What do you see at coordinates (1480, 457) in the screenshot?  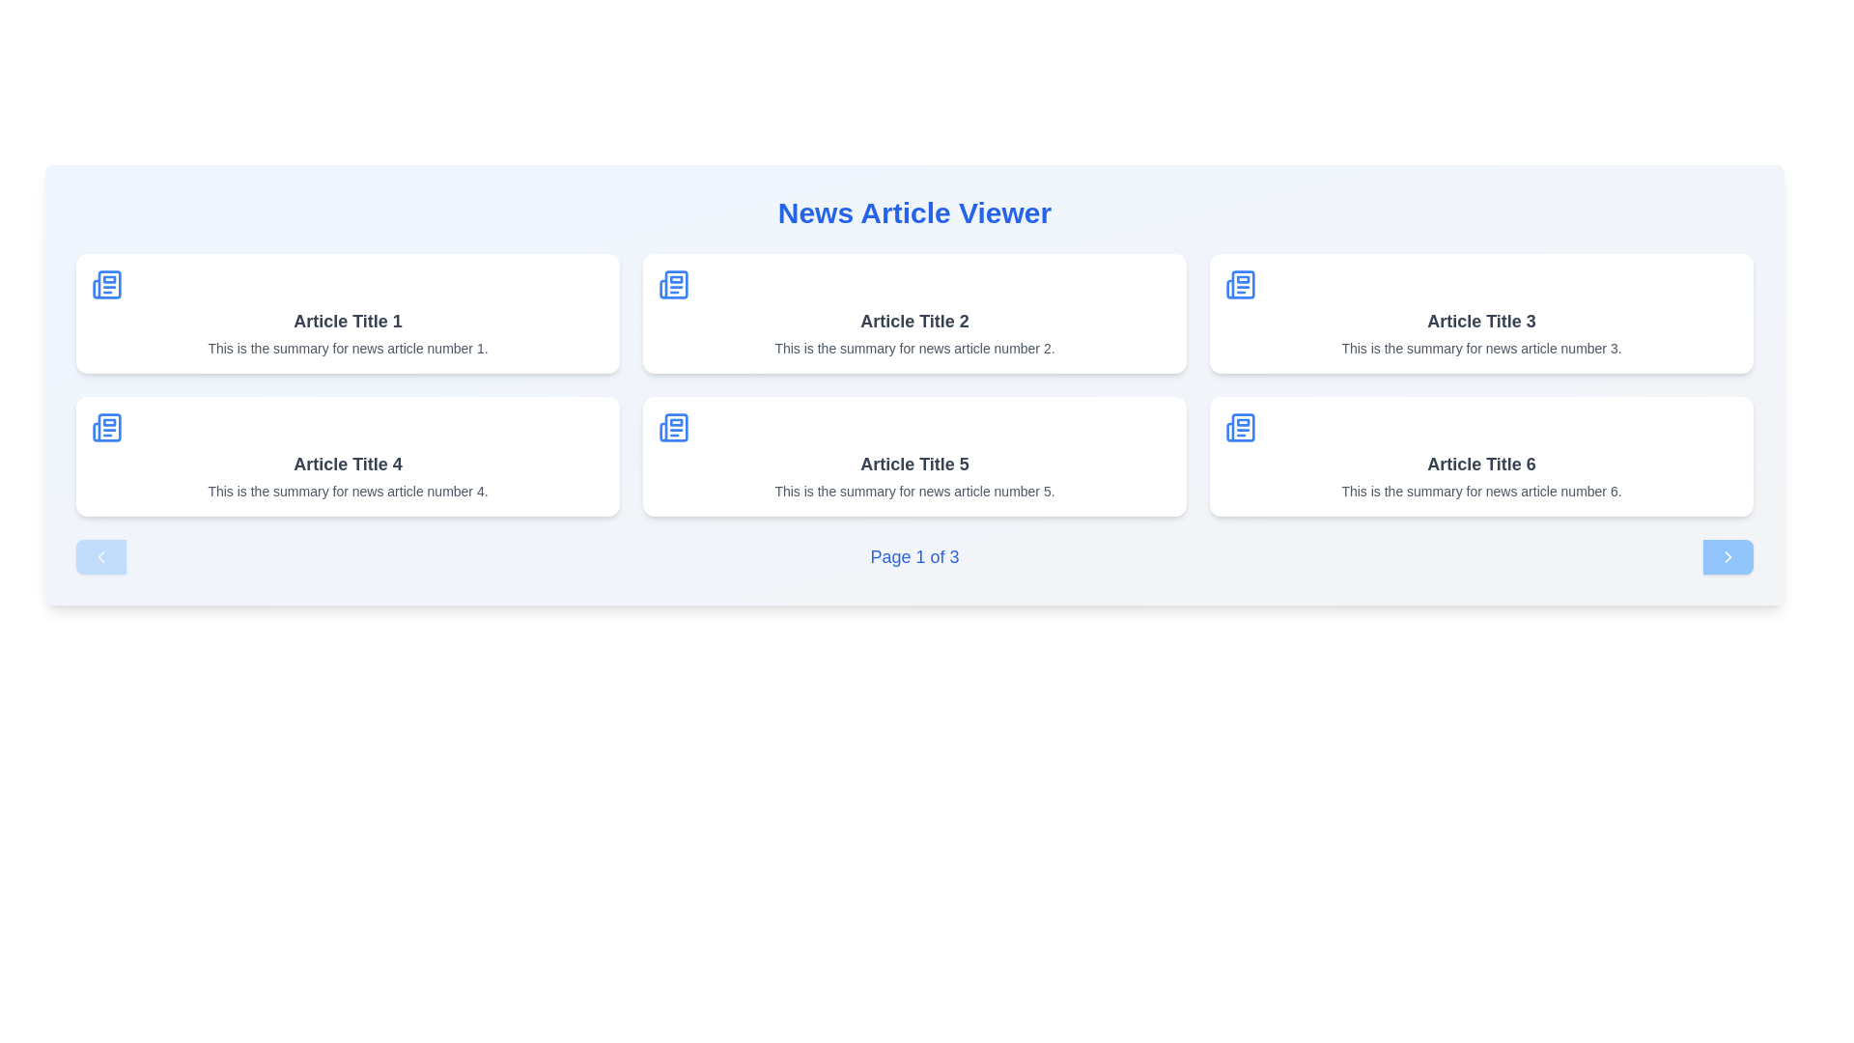 I see `the news item preview card located at the bottom-right corner of the grid layout, which contains a title and a brief summary, adjacent to 'Article Title 5'` at bounding box center [1480, 457].